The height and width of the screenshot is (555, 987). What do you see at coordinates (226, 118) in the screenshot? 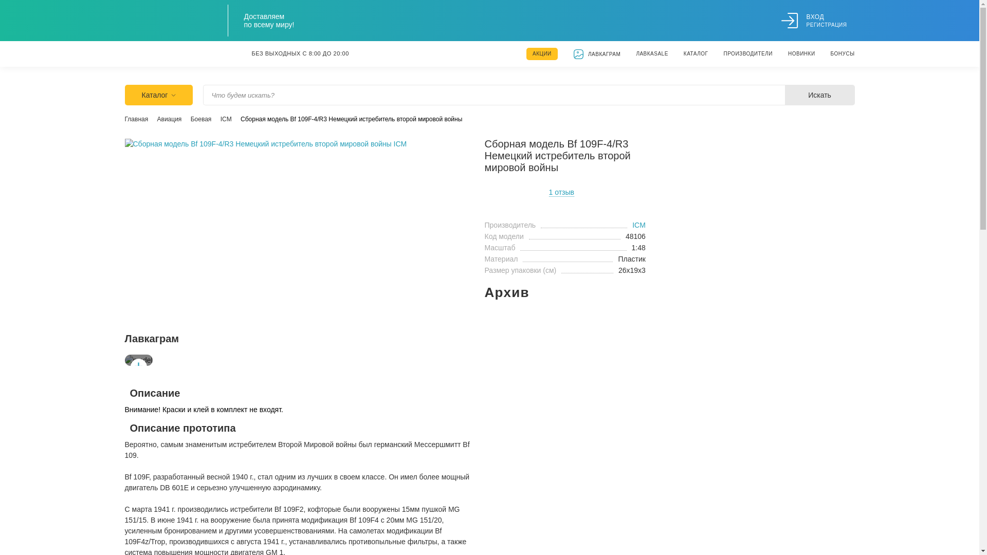
I see `'ICM'` at bounding box center [226, 118].